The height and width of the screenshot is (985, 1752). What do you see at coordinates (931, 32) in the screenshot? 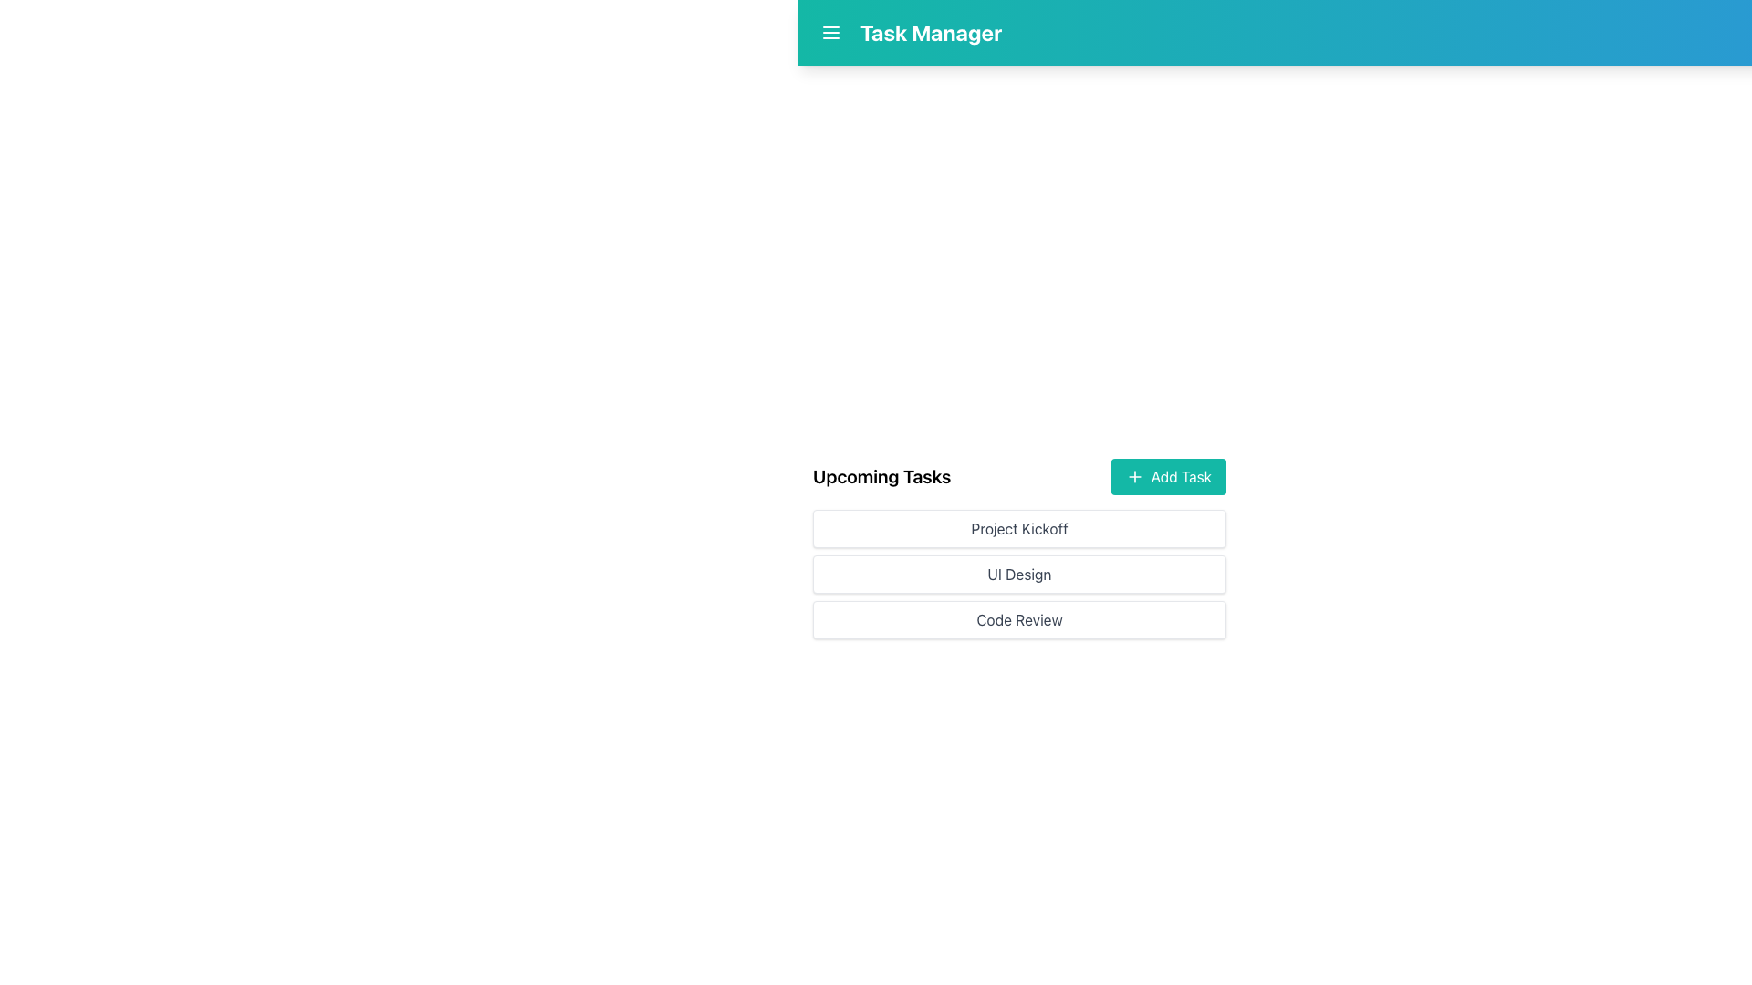
I see `the Static text label in the header section, which indicates the purpose or current state of the application` at bounding box center [931, 32].